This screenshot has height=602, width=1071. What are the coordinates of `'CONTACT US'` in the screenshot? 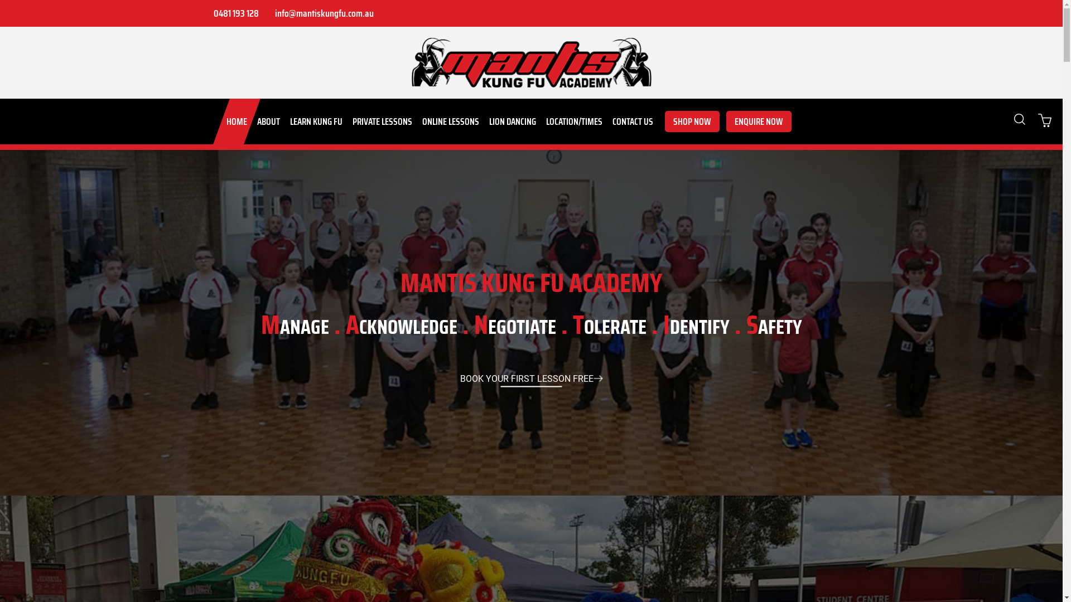 It's located at (632, 122).